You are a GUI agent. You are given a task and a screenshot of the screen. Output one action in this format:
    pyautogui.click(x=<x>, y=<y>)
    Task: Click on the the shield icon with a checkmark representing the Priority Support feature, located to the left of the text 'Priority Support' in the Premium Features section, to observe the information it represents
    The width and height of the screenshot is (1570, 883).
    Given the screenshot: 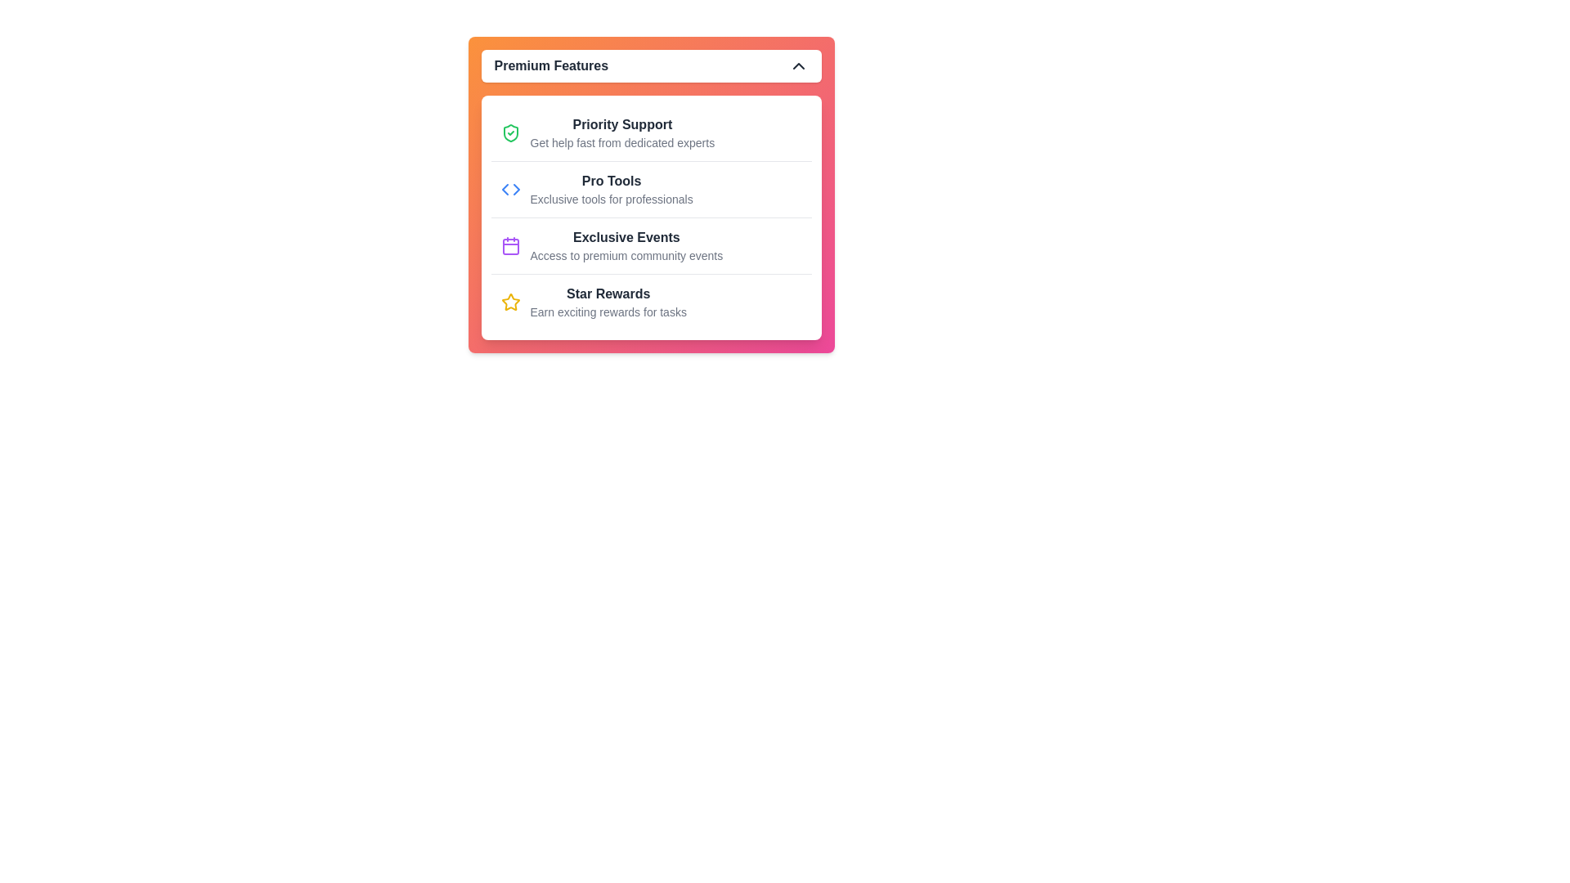 What is the action you would take?
    pyautogui.click(x=509, y=132)
    